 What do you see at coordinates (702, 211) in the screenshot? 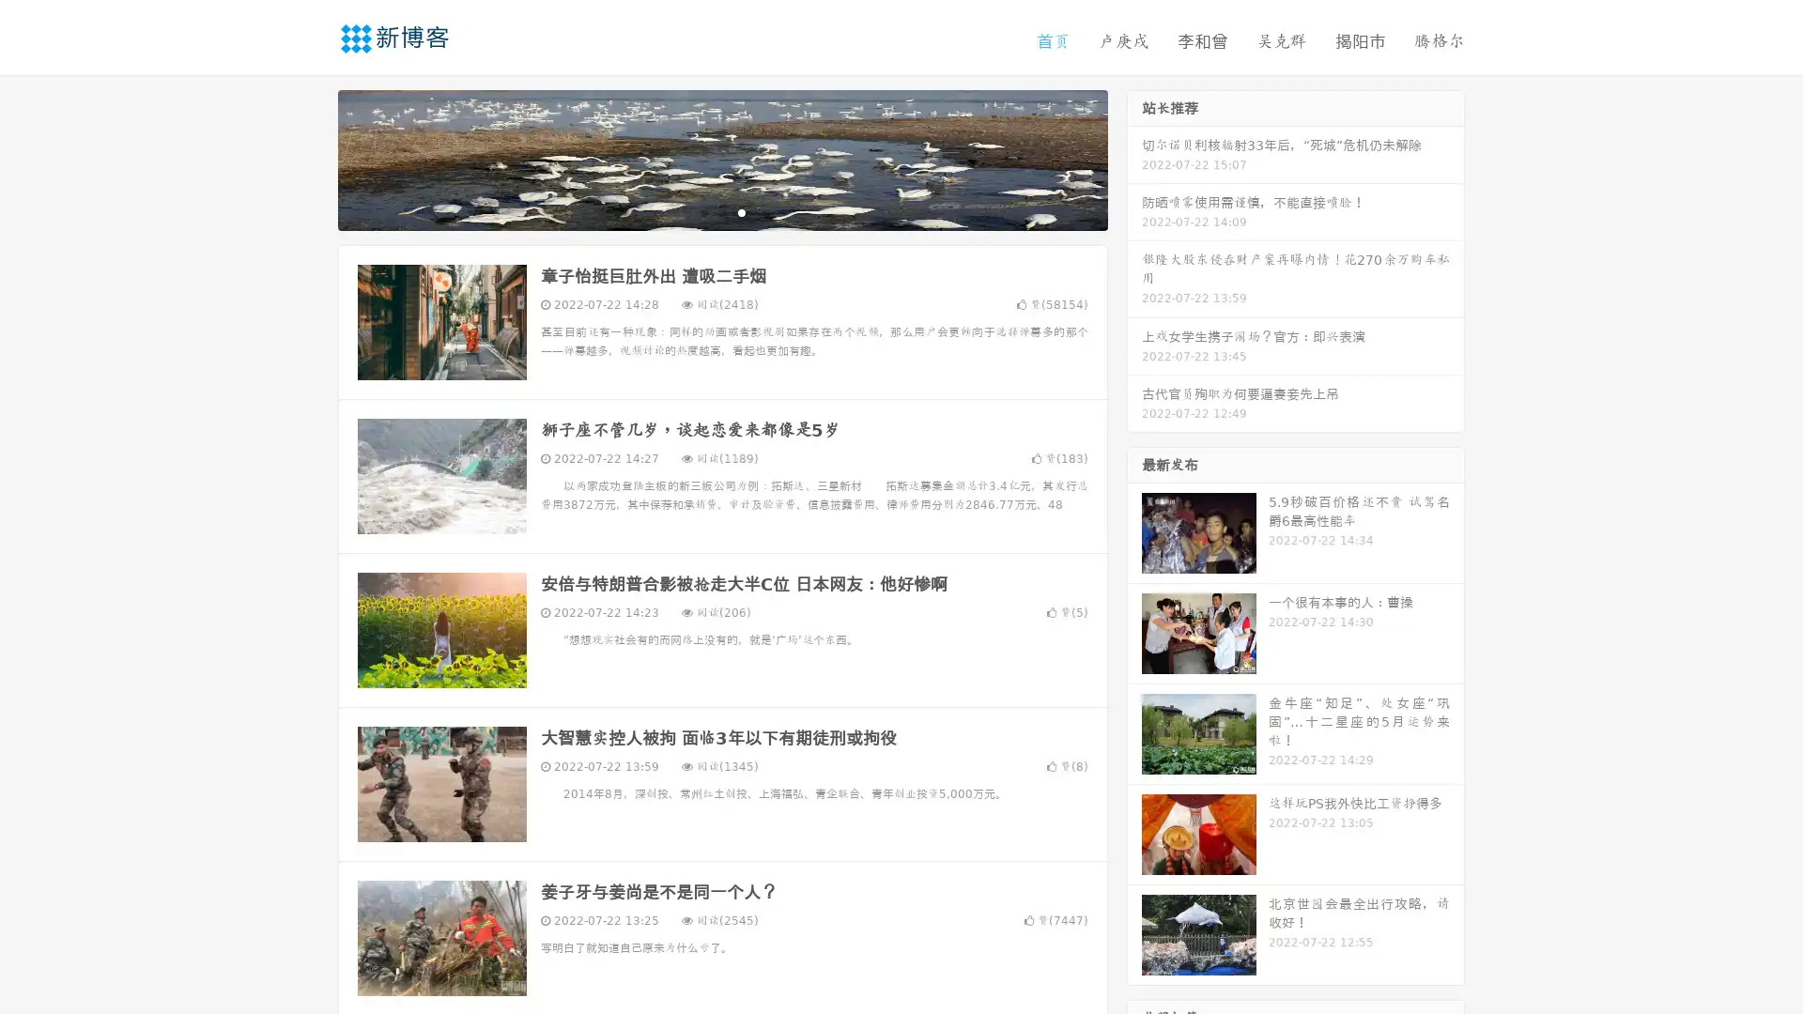
I see `Go to slide 1` at bounding box center [702, 211].